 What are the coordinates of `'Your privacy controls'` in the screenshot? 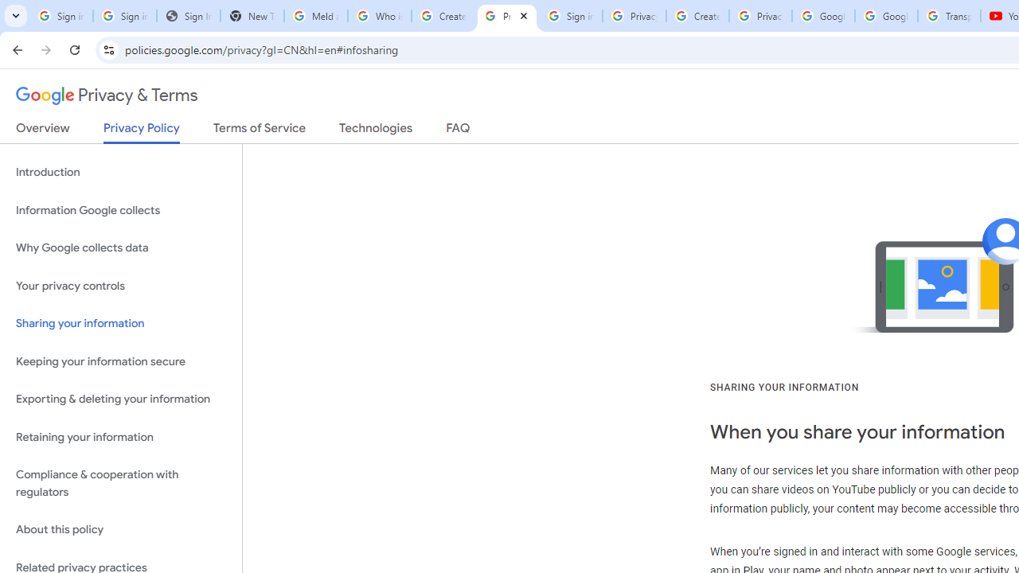 It's located at (120, 285).